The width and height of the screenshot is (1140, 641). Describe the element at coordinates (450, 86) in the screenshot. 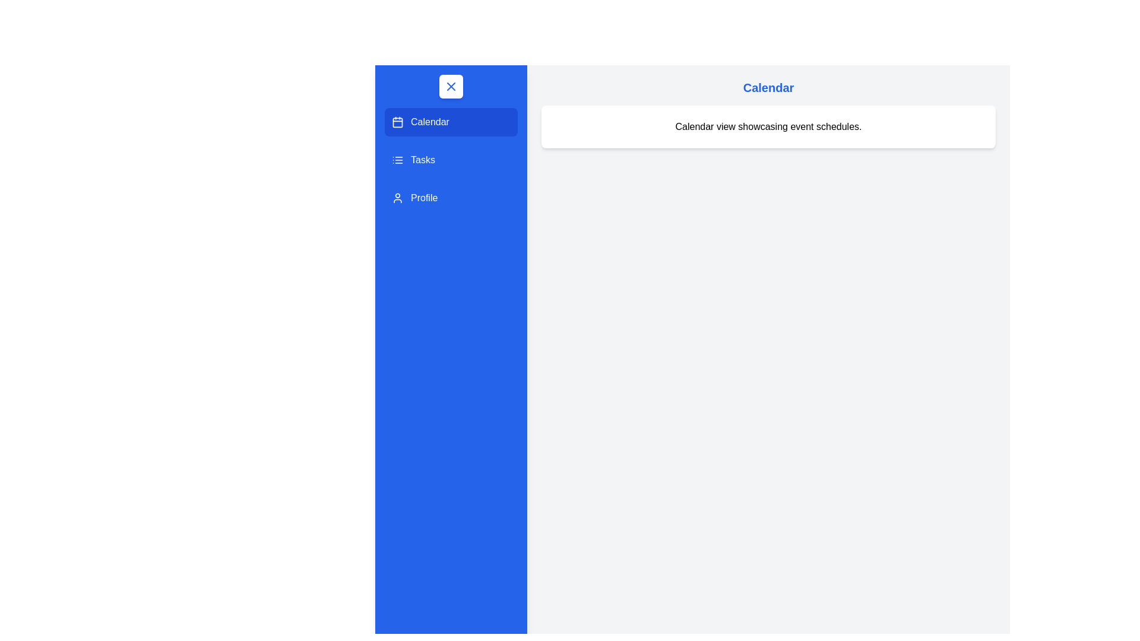

I see `the toggle button to close the drawer` at that location.